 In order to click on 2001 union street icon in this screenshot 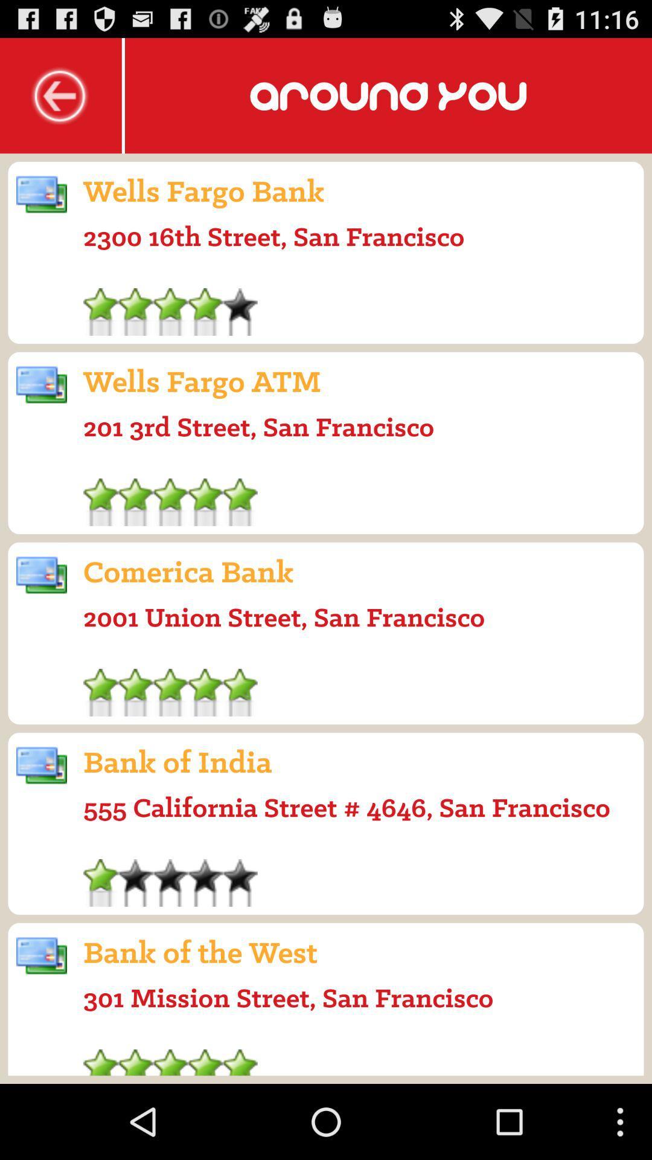, I will do `click(284, 617)`.